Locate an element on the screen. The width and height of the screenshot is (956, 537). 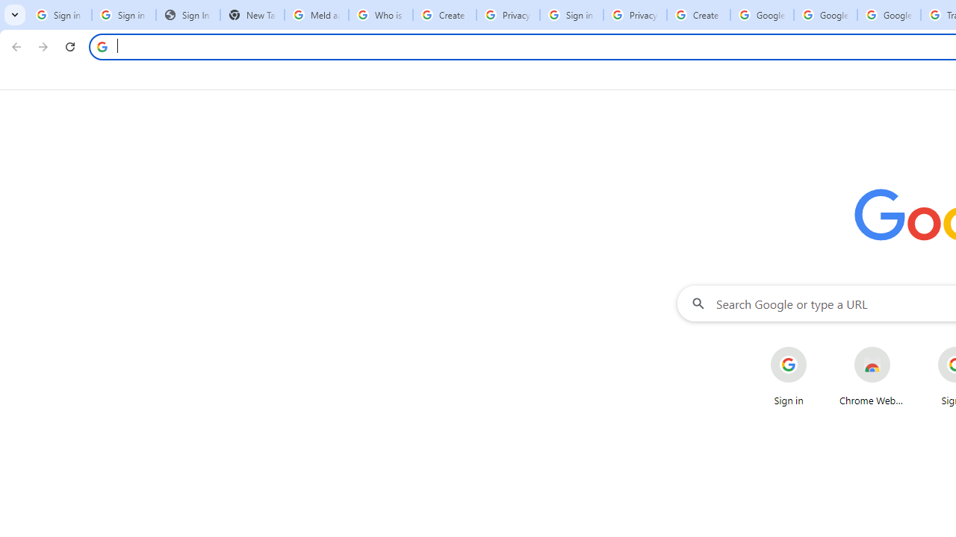
'Sign in - Google Accounts' is located at coordinates (571, 15).